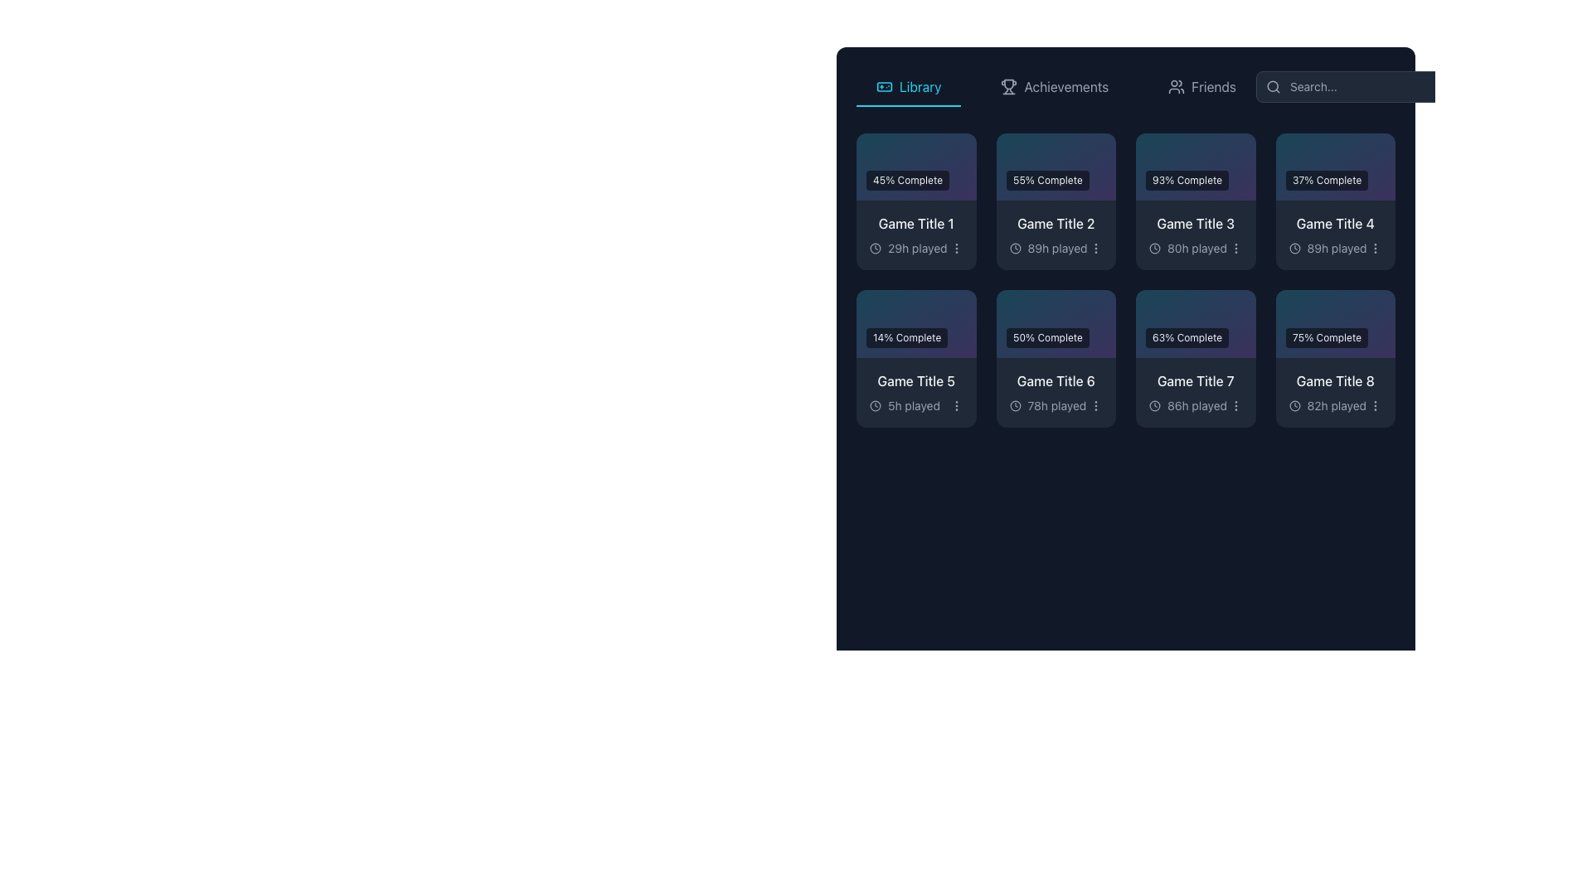  Describe the element at coordinates (883, 86) in the screenshot. I see `the gamepad icon located within the 'Library' navigation button at the top left quadrant of the interface to understand its association with the 'Library' button` at that location.